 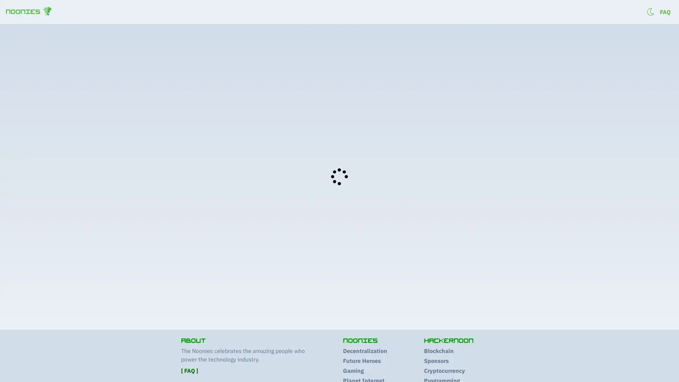 I want to click on Sign up, so click(x=633, y=12).